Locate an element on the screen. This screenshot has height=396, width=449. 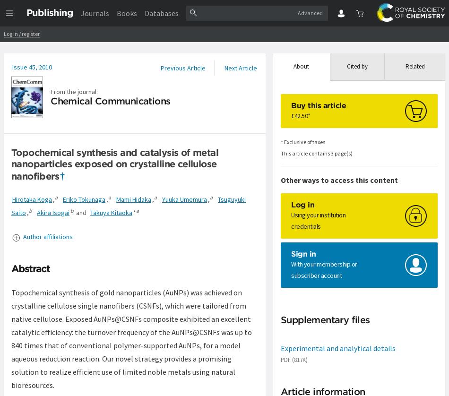
'reaction. Our novel strategy provides a promising solution to realize efficient use of limited noble metals using natural bioresources.' is located at coordinates (11, 370).